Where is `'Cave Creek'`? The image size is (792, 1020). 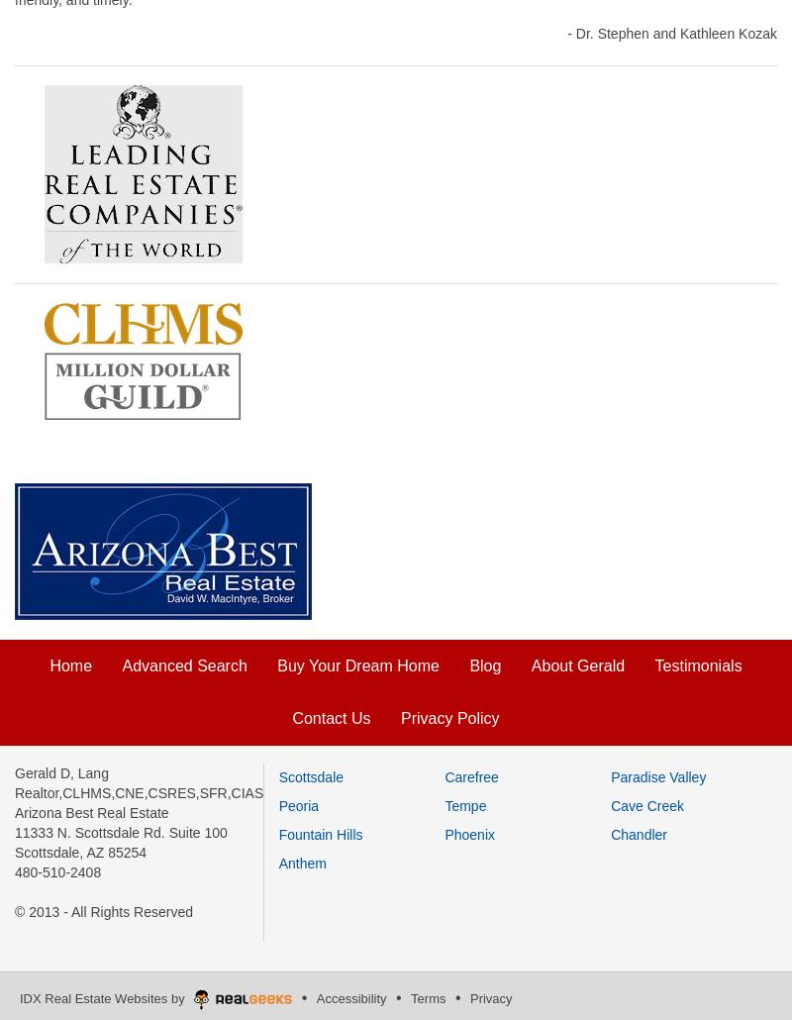 'Cave Creek' is located at coordinates (646, 803).